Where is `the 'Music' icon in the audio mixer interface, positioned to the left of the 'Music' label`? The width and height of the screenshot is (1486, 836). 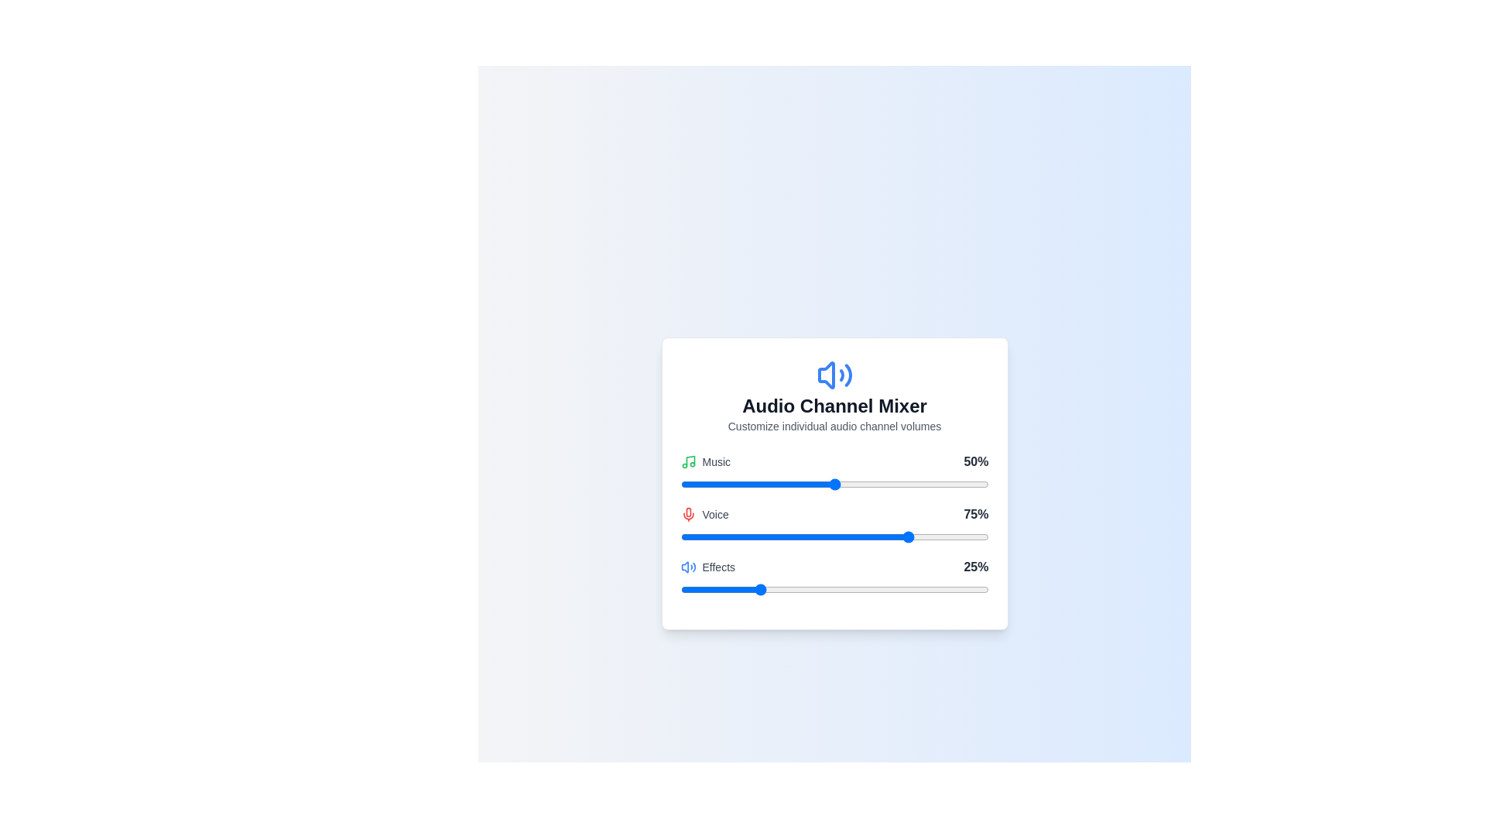
the 'Music' icon in the audio mixer interface, positioned to the left of the 'Music' label is located at coordinates (687, 461).